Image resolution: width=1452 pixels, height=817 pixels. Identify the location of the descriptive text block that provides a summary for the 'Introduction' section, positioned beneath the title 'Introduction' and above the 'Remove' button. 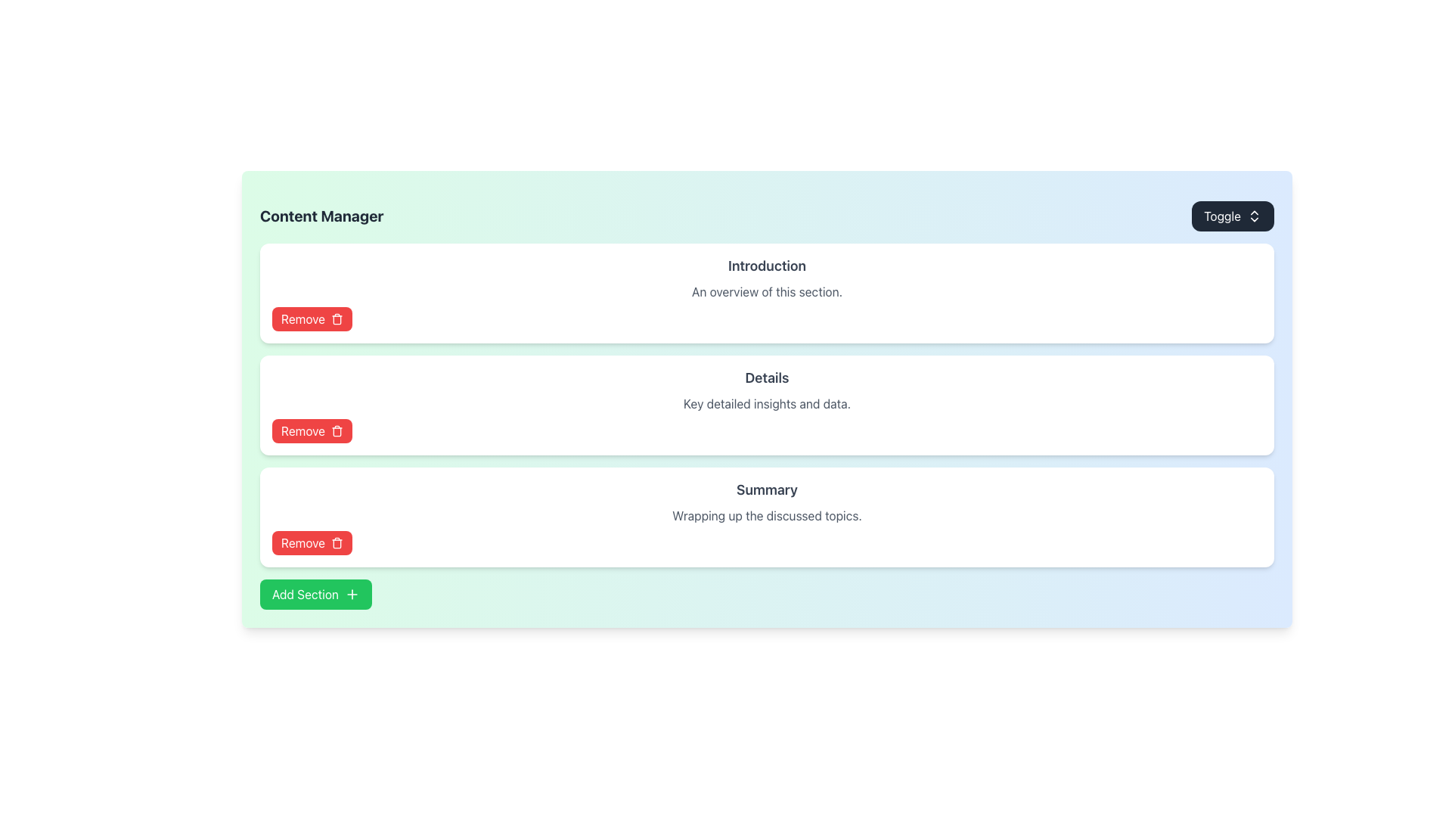
(767, 291).